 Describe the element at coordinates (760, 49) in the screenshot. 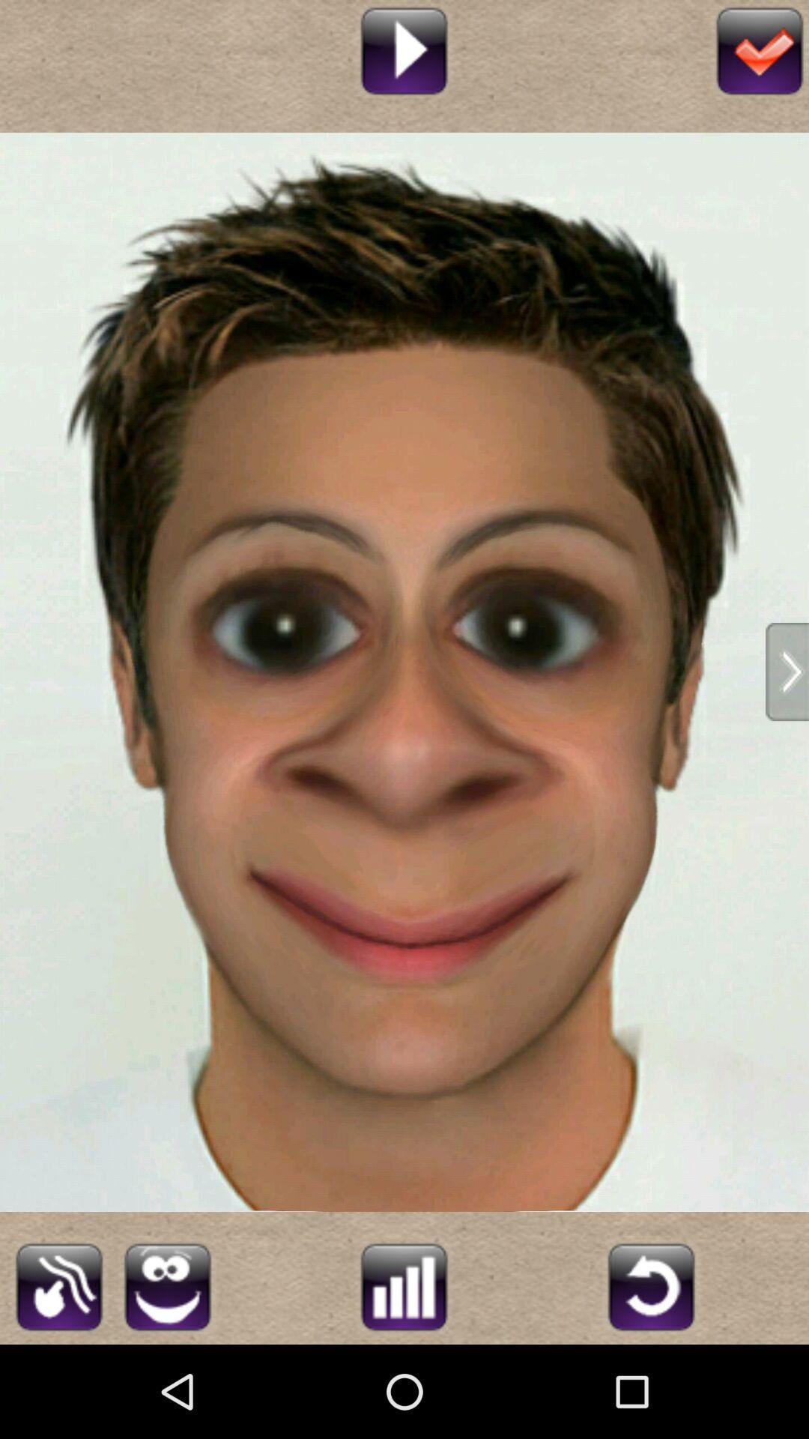

I see `finish the editing` at that location.